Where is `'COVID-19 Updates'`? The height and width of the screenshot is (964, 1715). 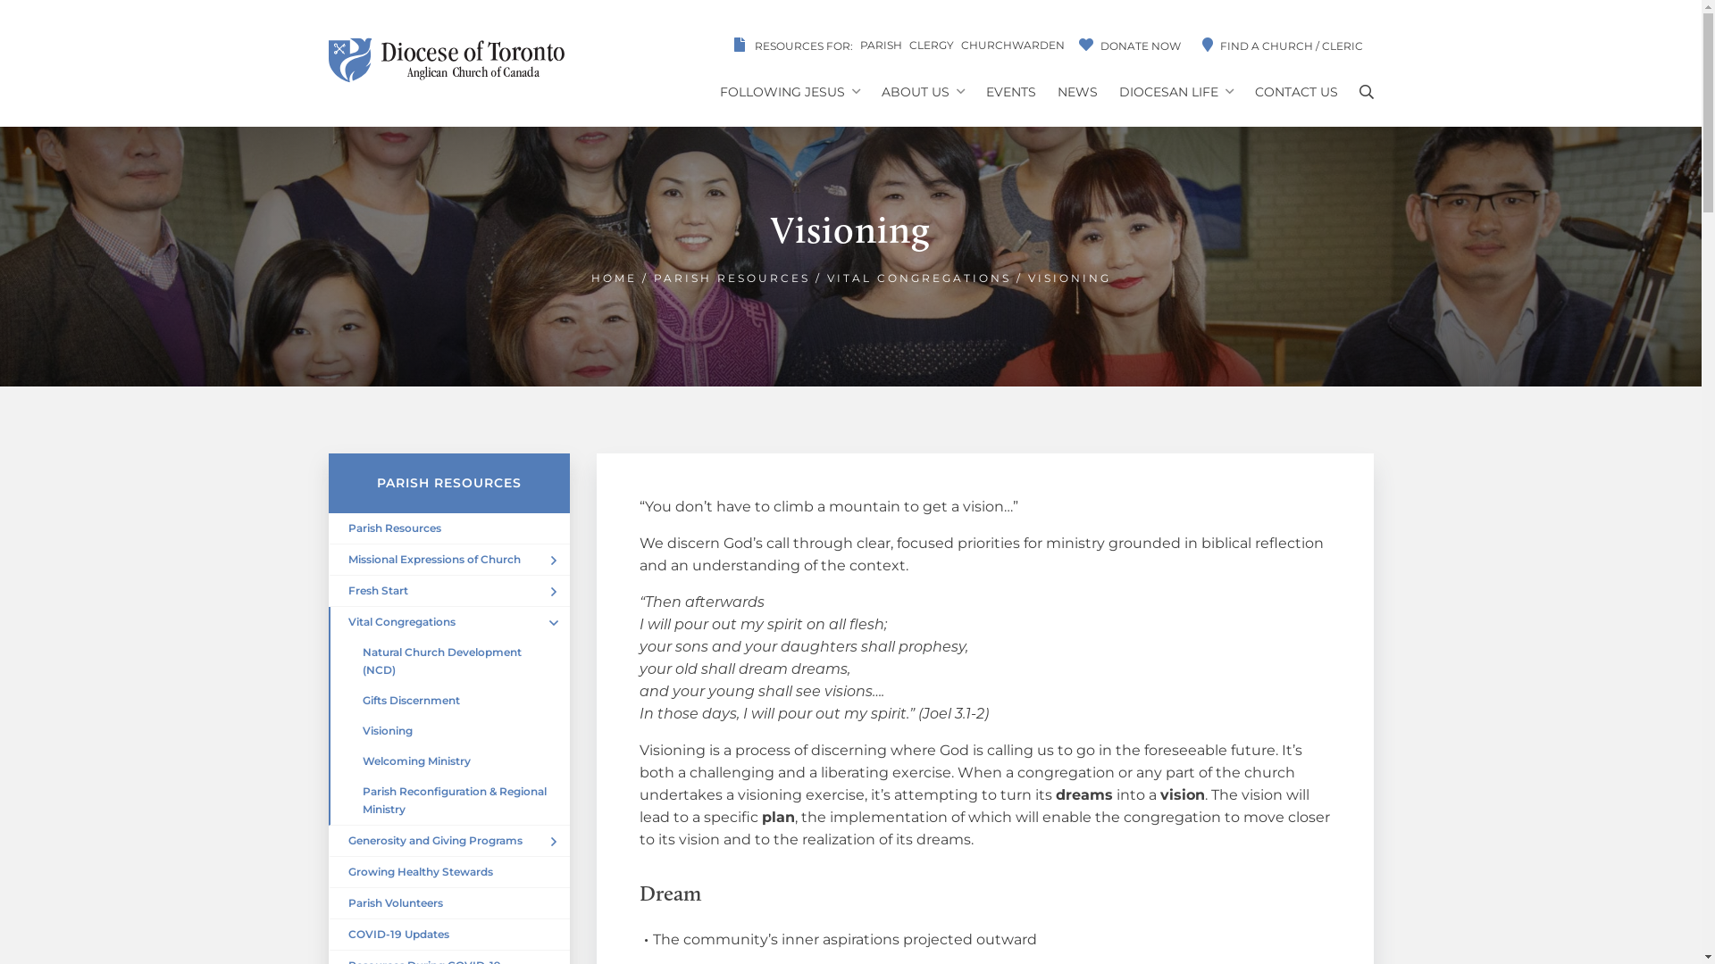
'COVID-19 Updates' is located at coordinates (449, 934).